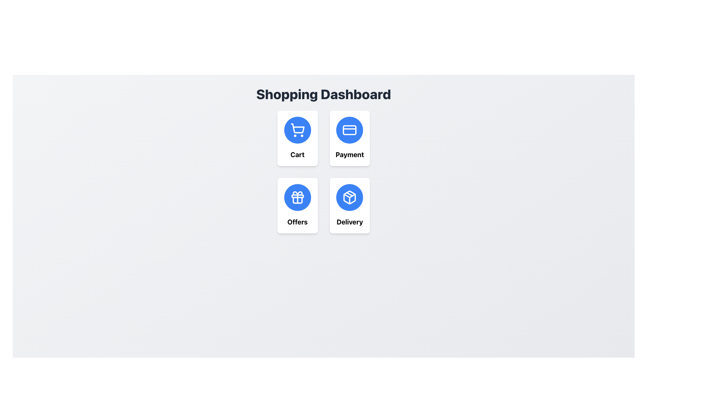 The image size is (718, 404). I want to click on the text label identifying the 'Delivery' section located at the bottom-right of the grid of cards, so click(349, 222).